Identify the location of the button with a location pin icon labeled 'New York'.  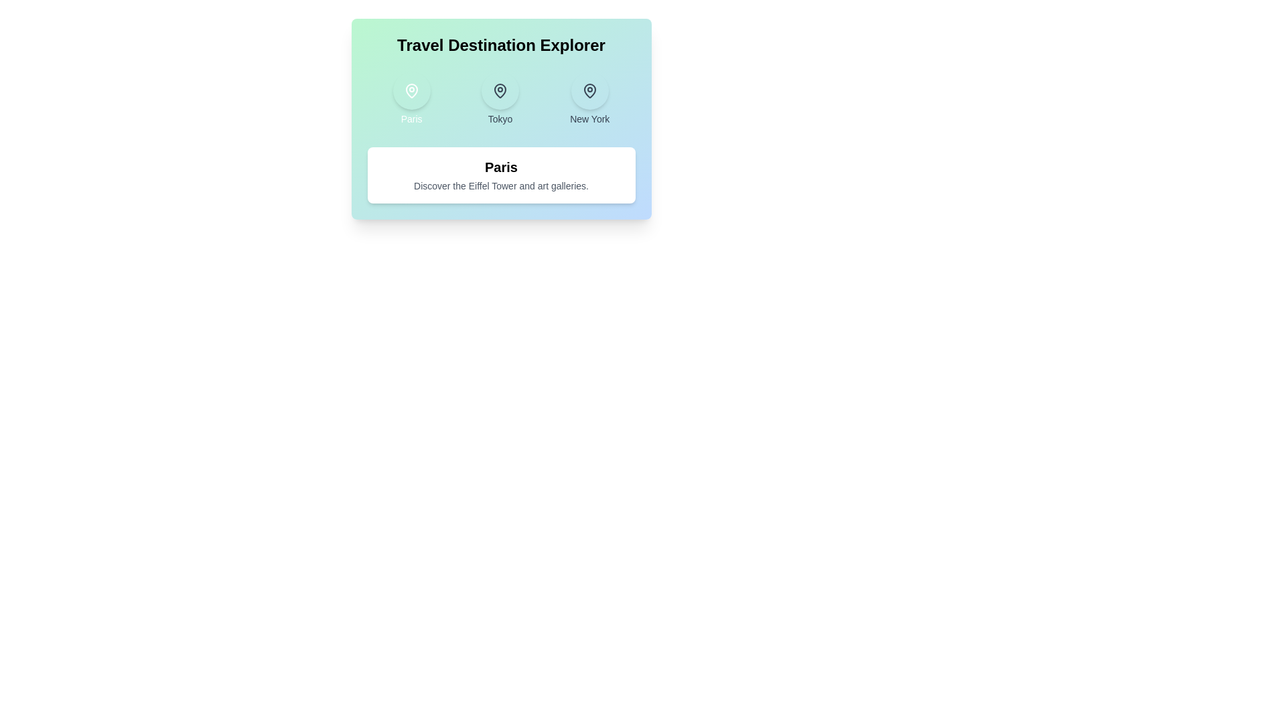
(589, 98).